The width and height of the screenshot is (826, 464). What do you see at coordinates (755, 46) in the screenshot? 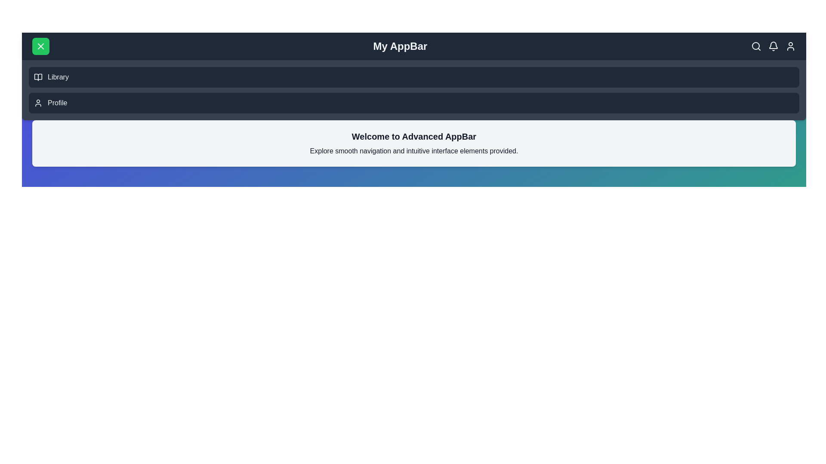
I see `the search icon to initiate a search` at bounding box center [755, 46].